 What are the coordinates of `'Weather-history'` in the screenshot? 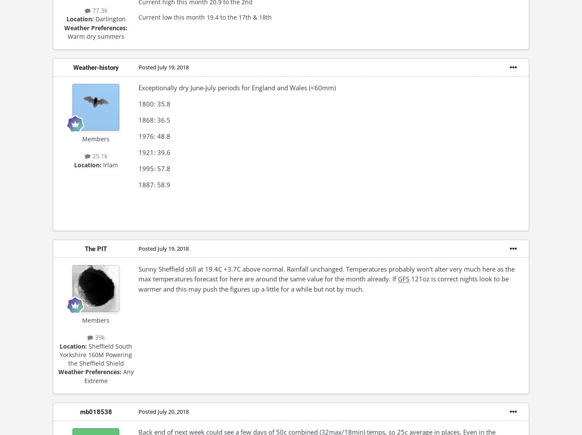 It's located at (95, 67).